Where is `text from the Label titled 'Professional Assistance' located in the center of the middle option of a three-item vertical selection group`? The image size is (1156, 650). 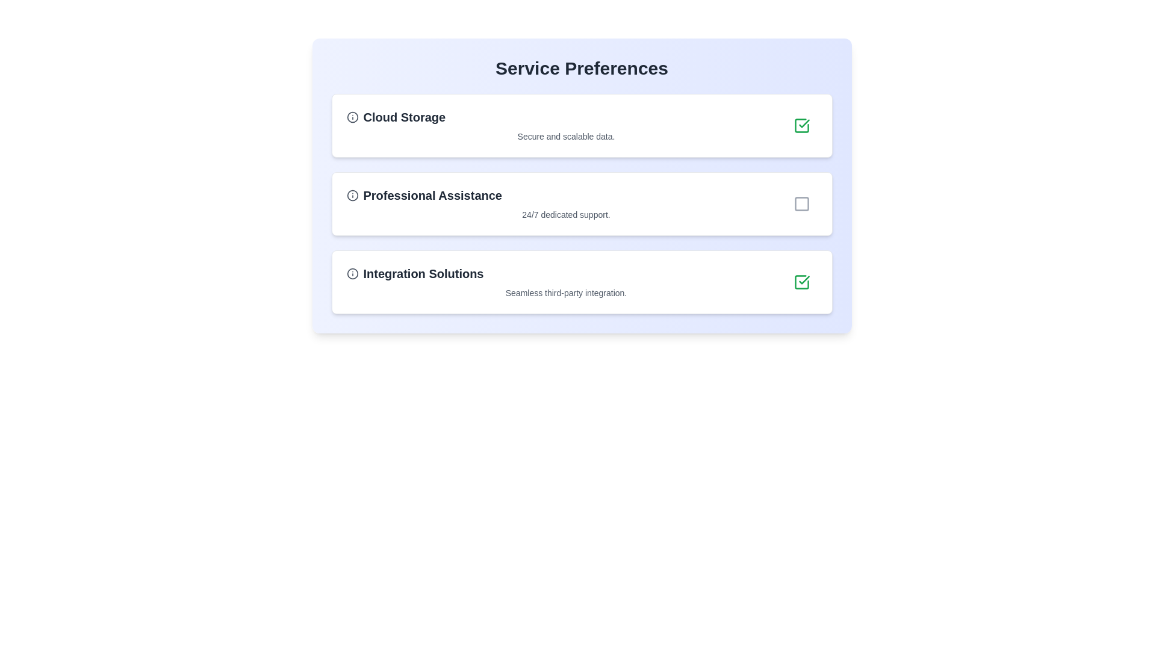
text from the Label titled 'Professional Assistance' located in the center of the middle option of a three-item vertical selection group is located at coordinates (432, 194).